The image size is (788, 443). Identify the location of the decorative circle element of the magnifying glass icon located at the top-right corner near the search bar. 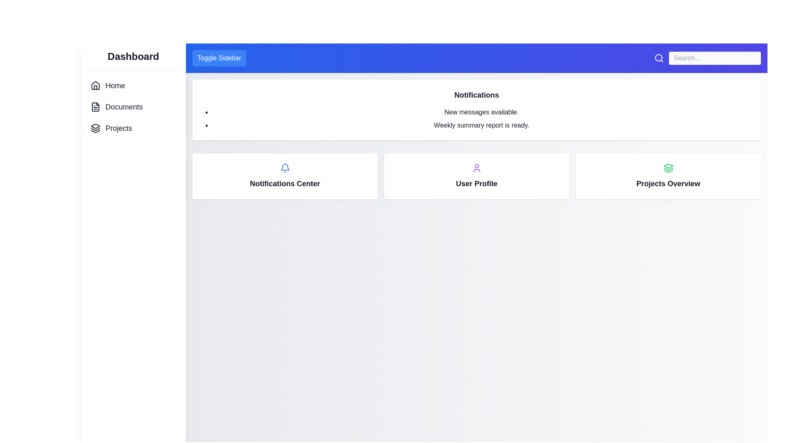
(658, 57).